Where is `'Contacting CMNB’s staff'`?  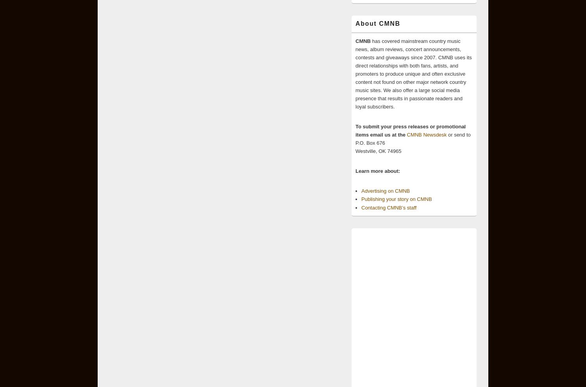
'Contacting CMNB’s staff' is located at coordinates (388, 207).